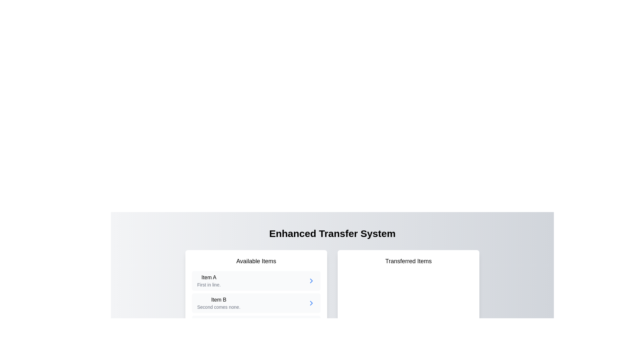 Image resolution: width=630 pixels, height=354 pixels. What do you see at coordinates (208, 280) in the screenshot?
I see `the label that provides information about 'Item A' in the 'Available Items' section, which states 'First in line.'` at bounding box center [208, 280].